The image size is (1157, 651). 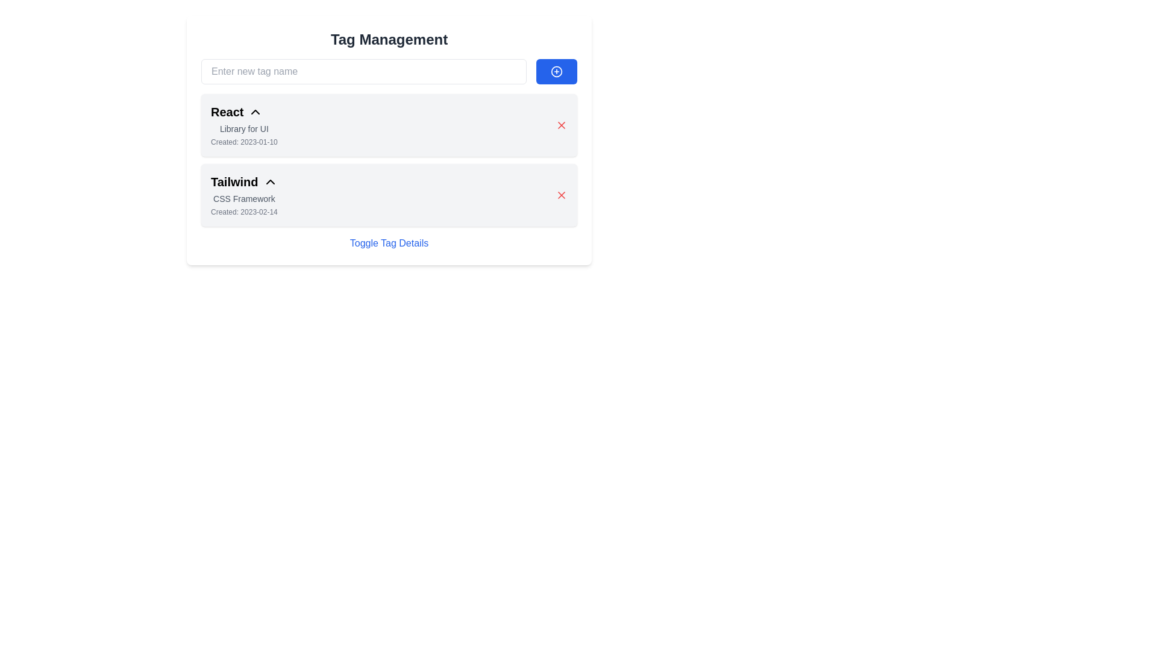 I want to click on the blue button with a plus icon located to the right of the 'Enter new tag name' text input in the 'Tag Management' section to observe its visual feedback, so click(x=556, y=72).